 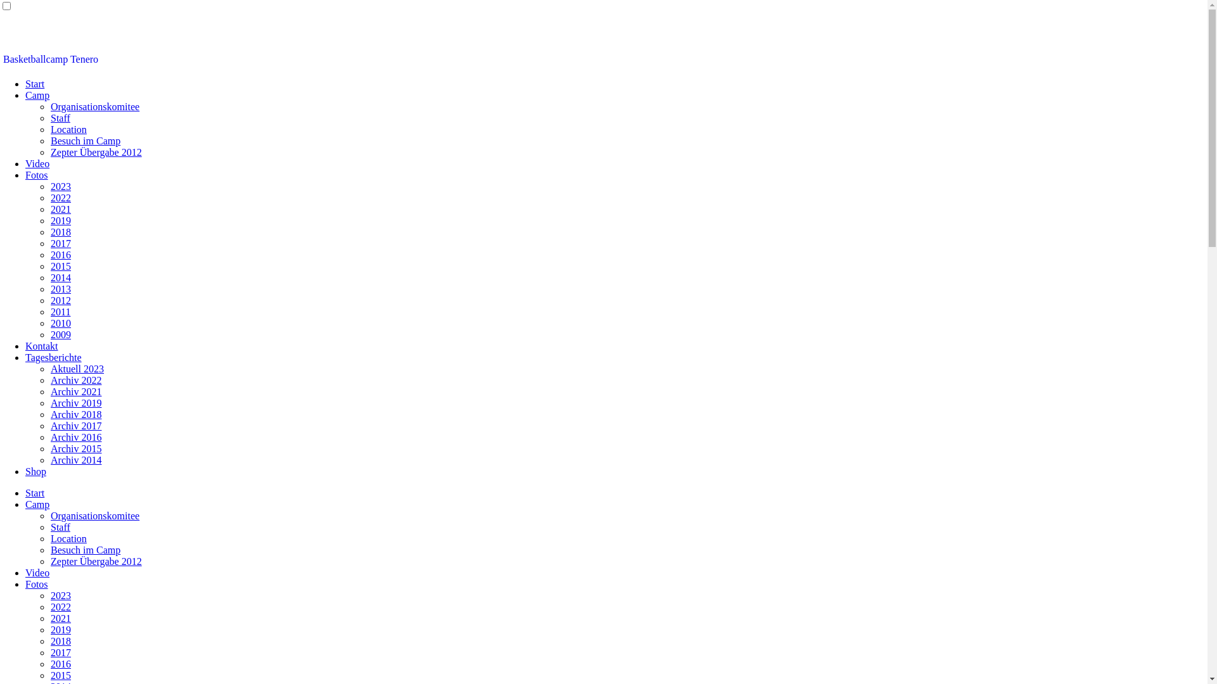 I want to click on '2015', so click(x=60, y=674).